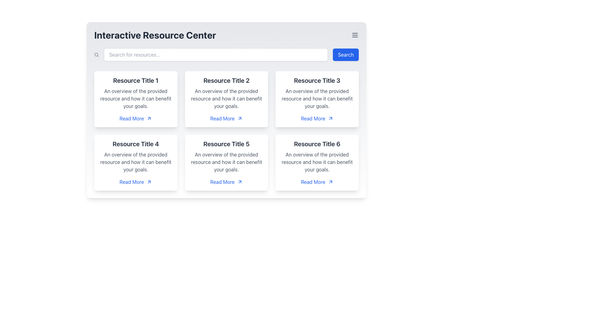  I want to click on the title text 'Interactive Resource Center' located in the top left of the page within the light gray header, so click(155, 35).